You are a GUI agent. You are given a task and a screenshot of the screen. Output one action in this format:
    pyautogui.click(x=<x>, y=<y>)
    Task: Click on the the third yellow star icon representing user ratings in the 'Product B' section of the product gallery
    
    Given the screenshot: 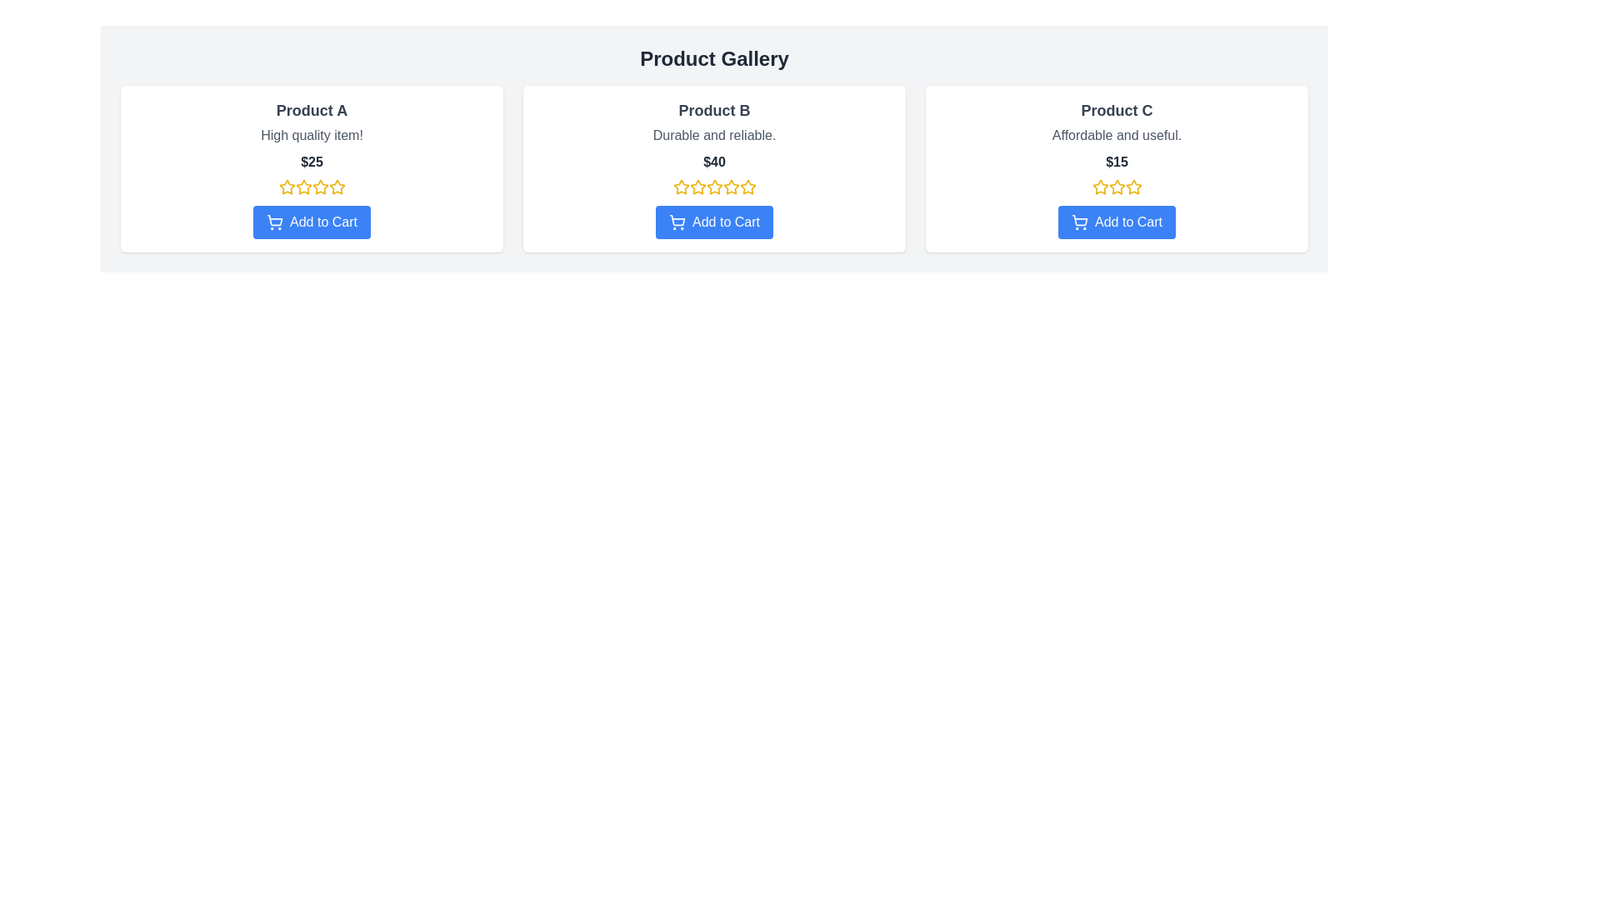 What is the action you would take?
    pyautogui.click(x=731, y=187)
    